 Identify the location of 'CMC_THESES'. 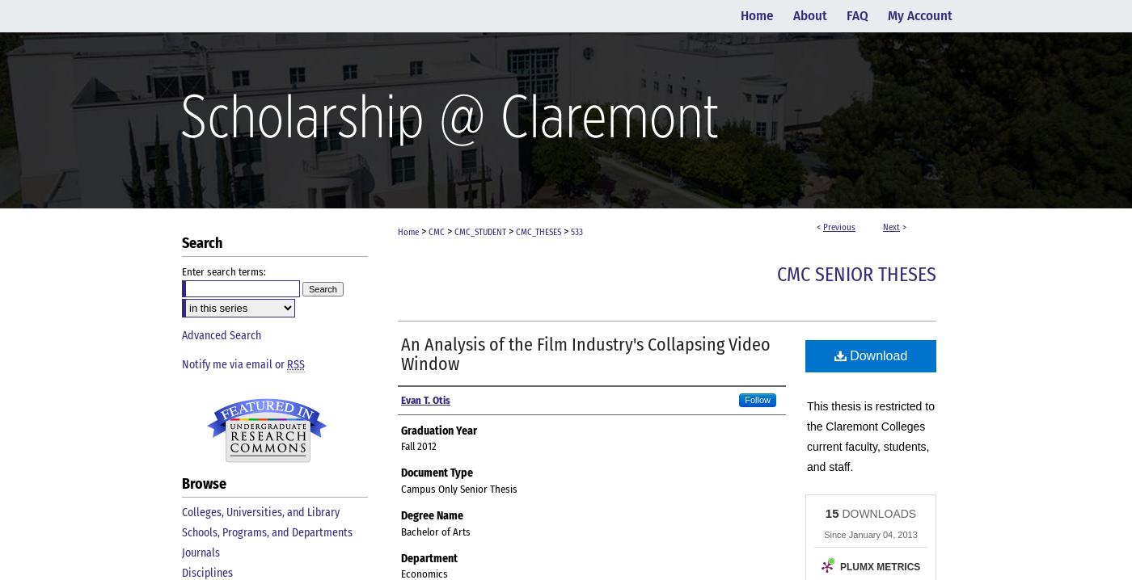
(538, 231).